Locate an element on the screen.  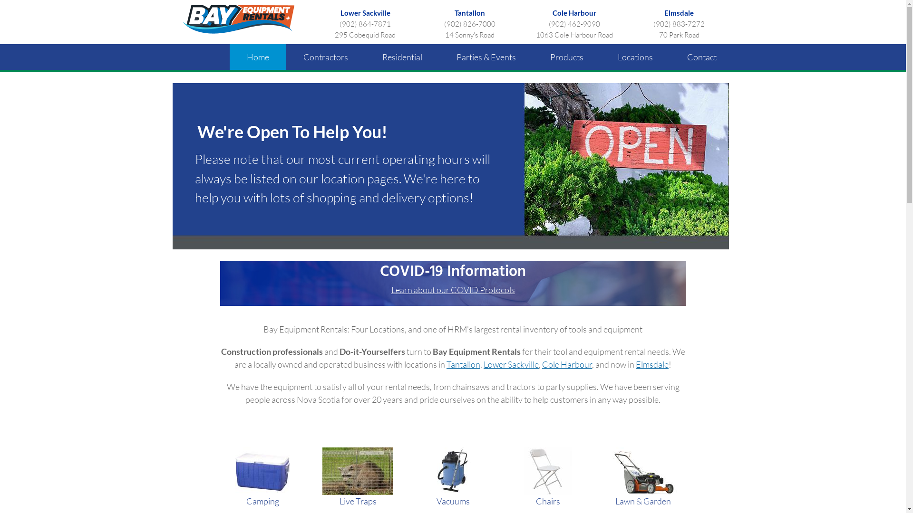
'Contractors' is located at coordinates (326, 57).